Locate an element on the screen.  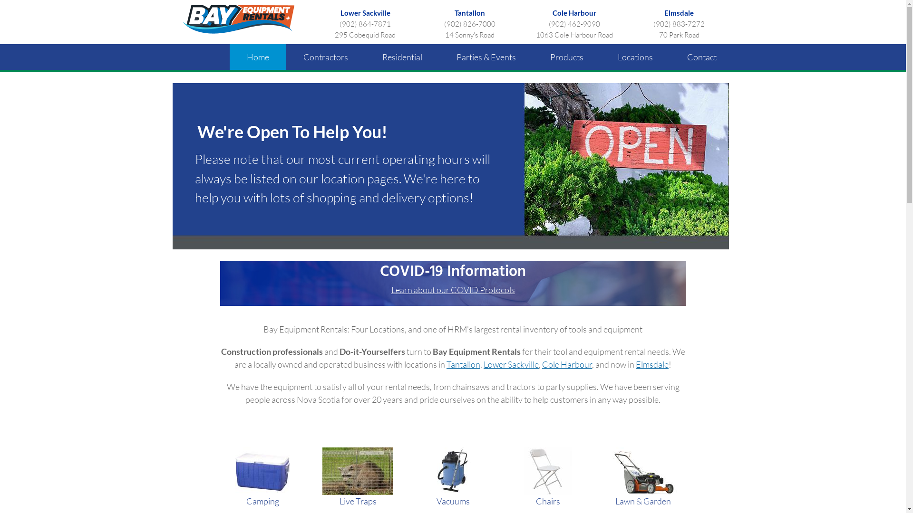
'Contractors' is located at coordinates (326, 57).